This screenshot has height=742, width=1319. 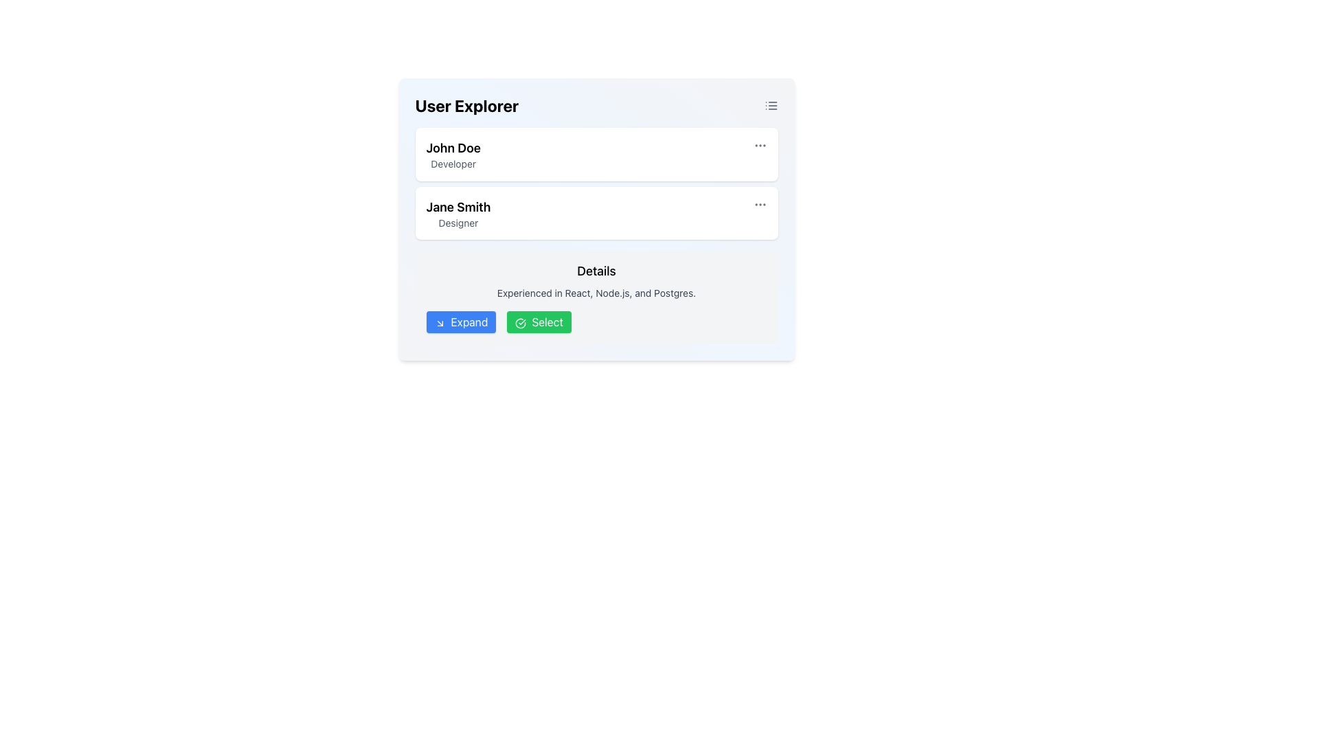 I want to click on the small light gray list icon located at the far-right of the 'User Explorer' header section, so click(x=771, y=105).